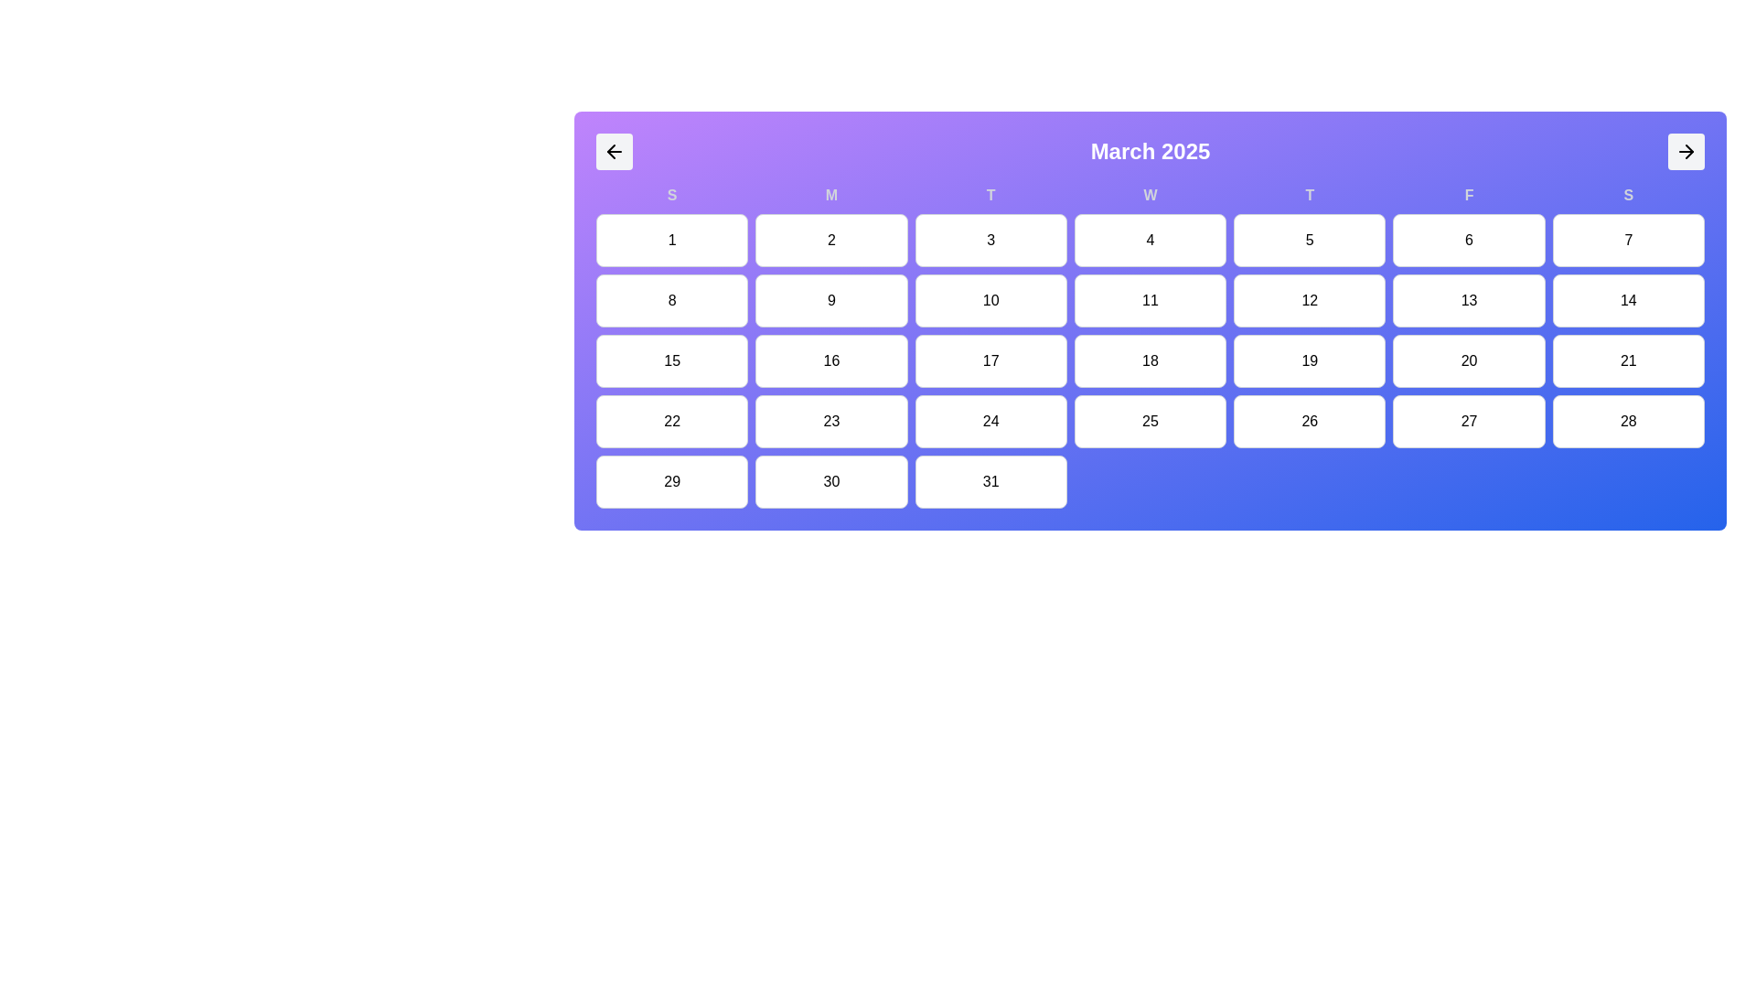  Describe the element at coordinates (990, 360) in the screenshot. I see `the Calendar date cell displaying '17' in the fifth row and third column of the March 2025 calendar` at that location.